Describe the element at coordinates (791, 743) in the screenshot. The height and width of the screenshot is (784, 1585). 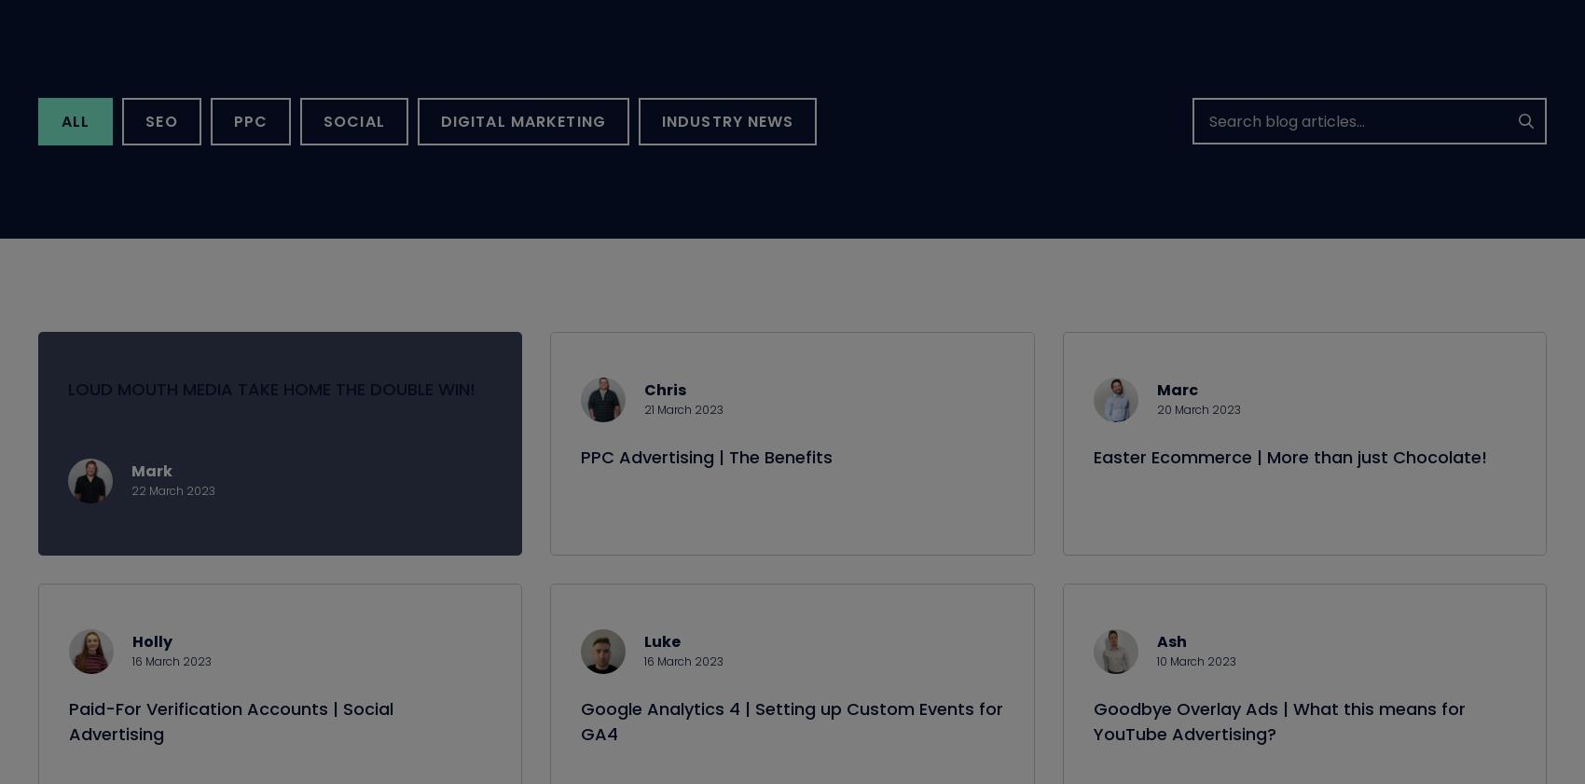
I see `'Google Analytics 4 | Setting up Custom Events for GA4'` at that location.